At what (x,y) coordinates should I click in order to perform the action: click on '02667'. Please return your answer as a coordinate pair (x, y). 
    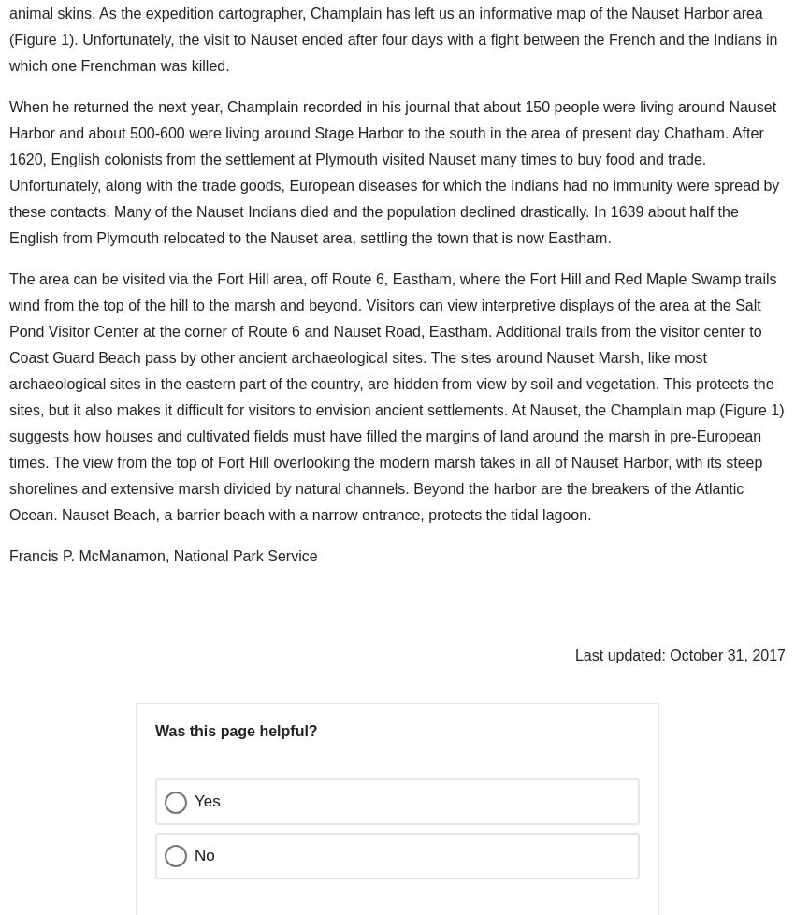
    Looking at the image, I should click on (112, 259).